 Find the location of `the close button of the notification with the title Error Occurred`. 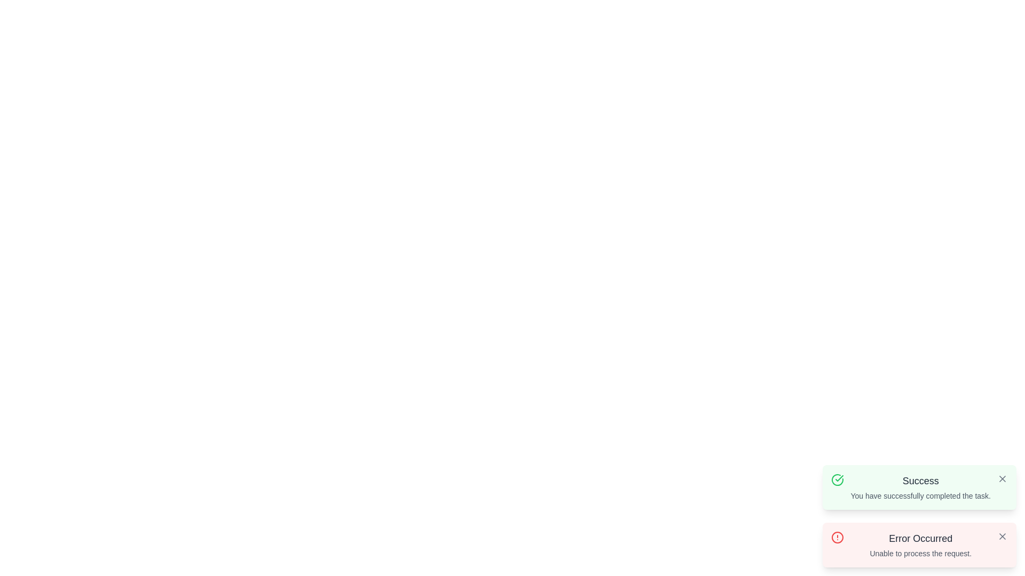

the close button of the notification with the title Error Occurred is located at coordinates (1002, 537).